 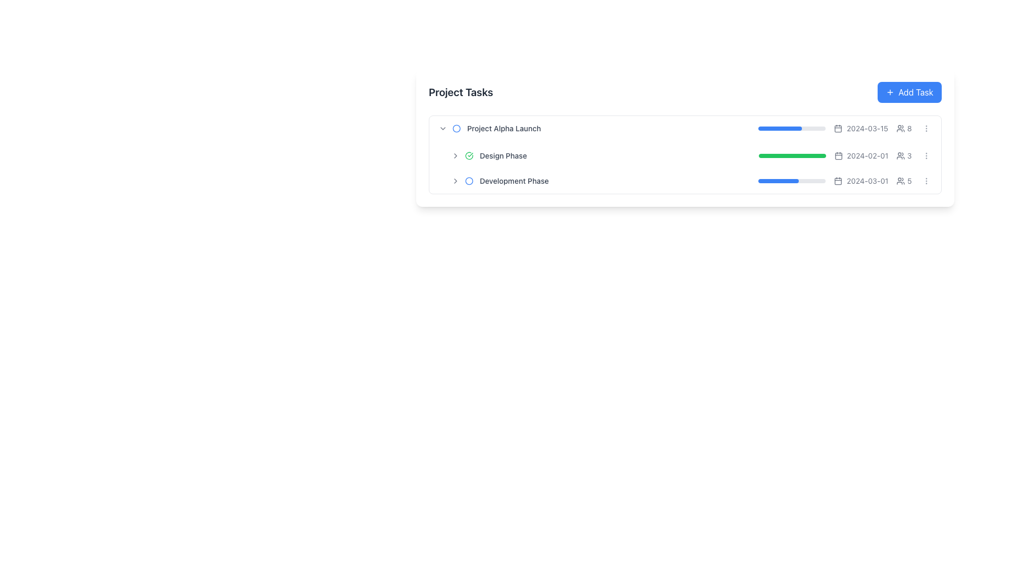 What do you see at coordinates (915, 92) in the screenshot?
I see `the text label within the button that is intended to add a new task` at bounding box center [915, 92].